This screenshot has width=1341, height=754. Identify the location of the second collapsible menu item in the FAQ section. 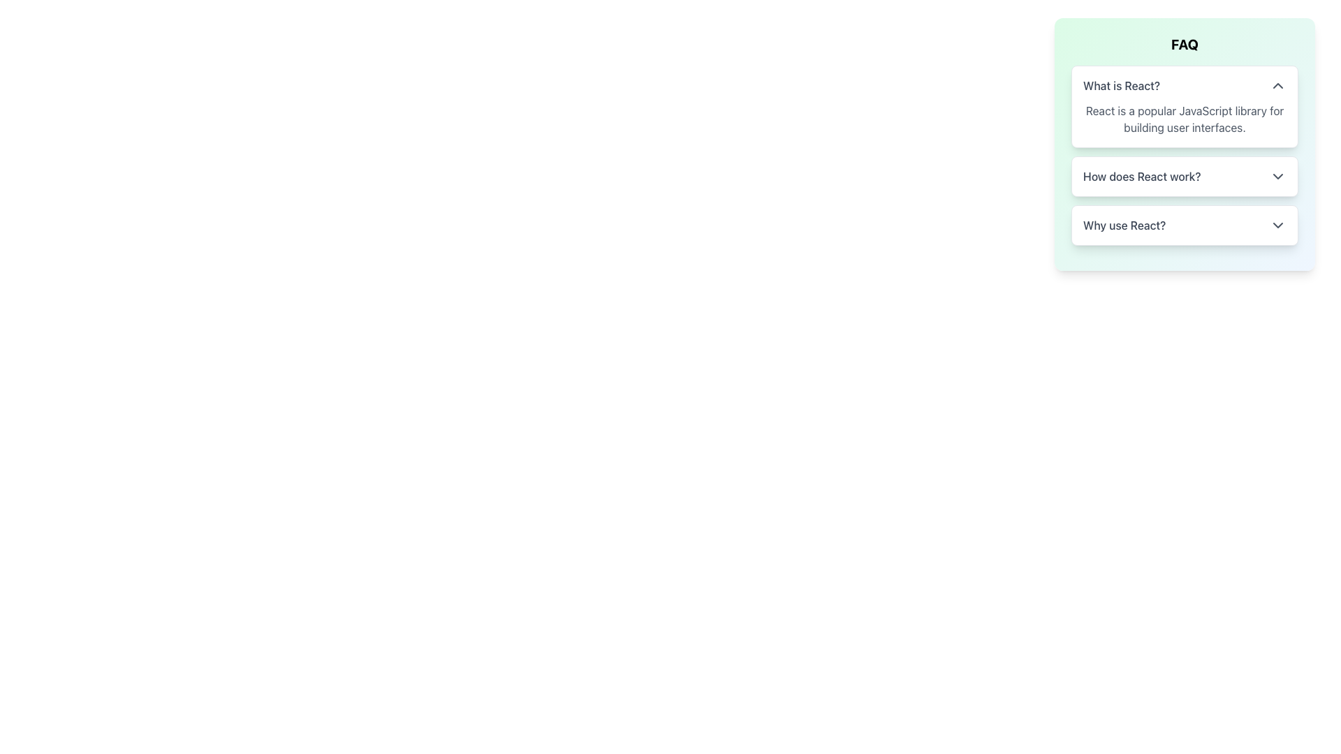
(1184, 176).